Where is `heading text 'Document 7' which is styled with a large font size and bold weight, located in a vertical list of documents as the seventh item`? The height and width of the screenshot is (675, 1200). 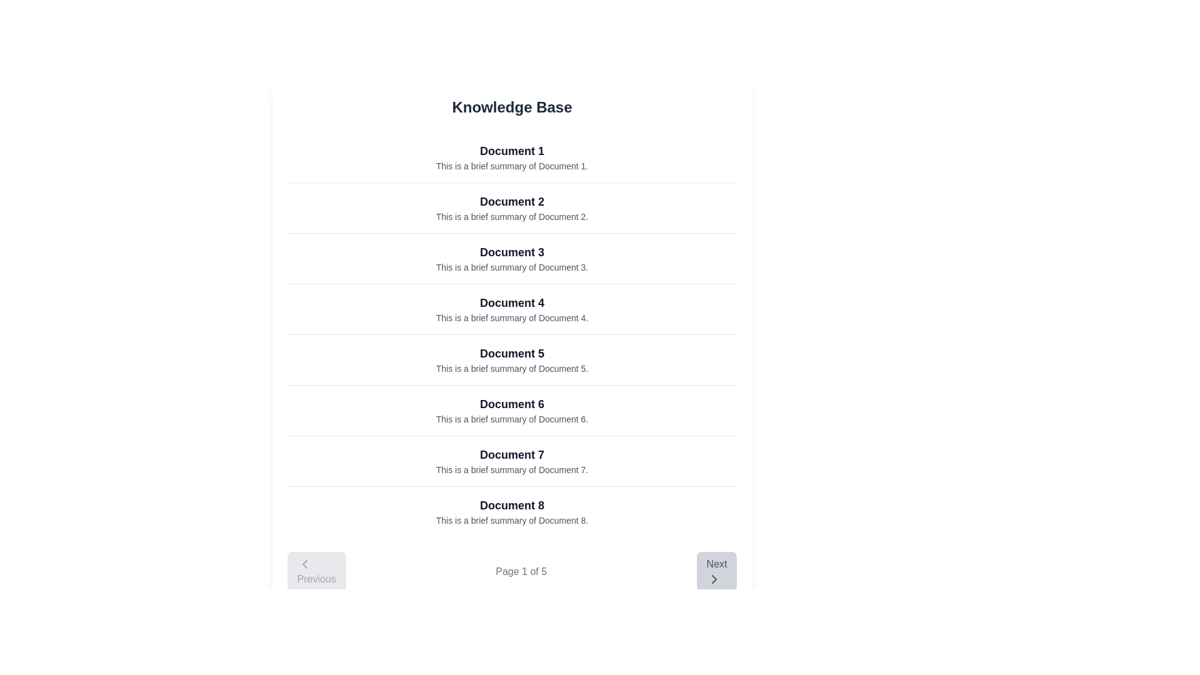 heading text 'Document 7' which is styled with a large font size and bold weight, located in a vertical list of documents as the seventh item is located at coordinates (512, 455).